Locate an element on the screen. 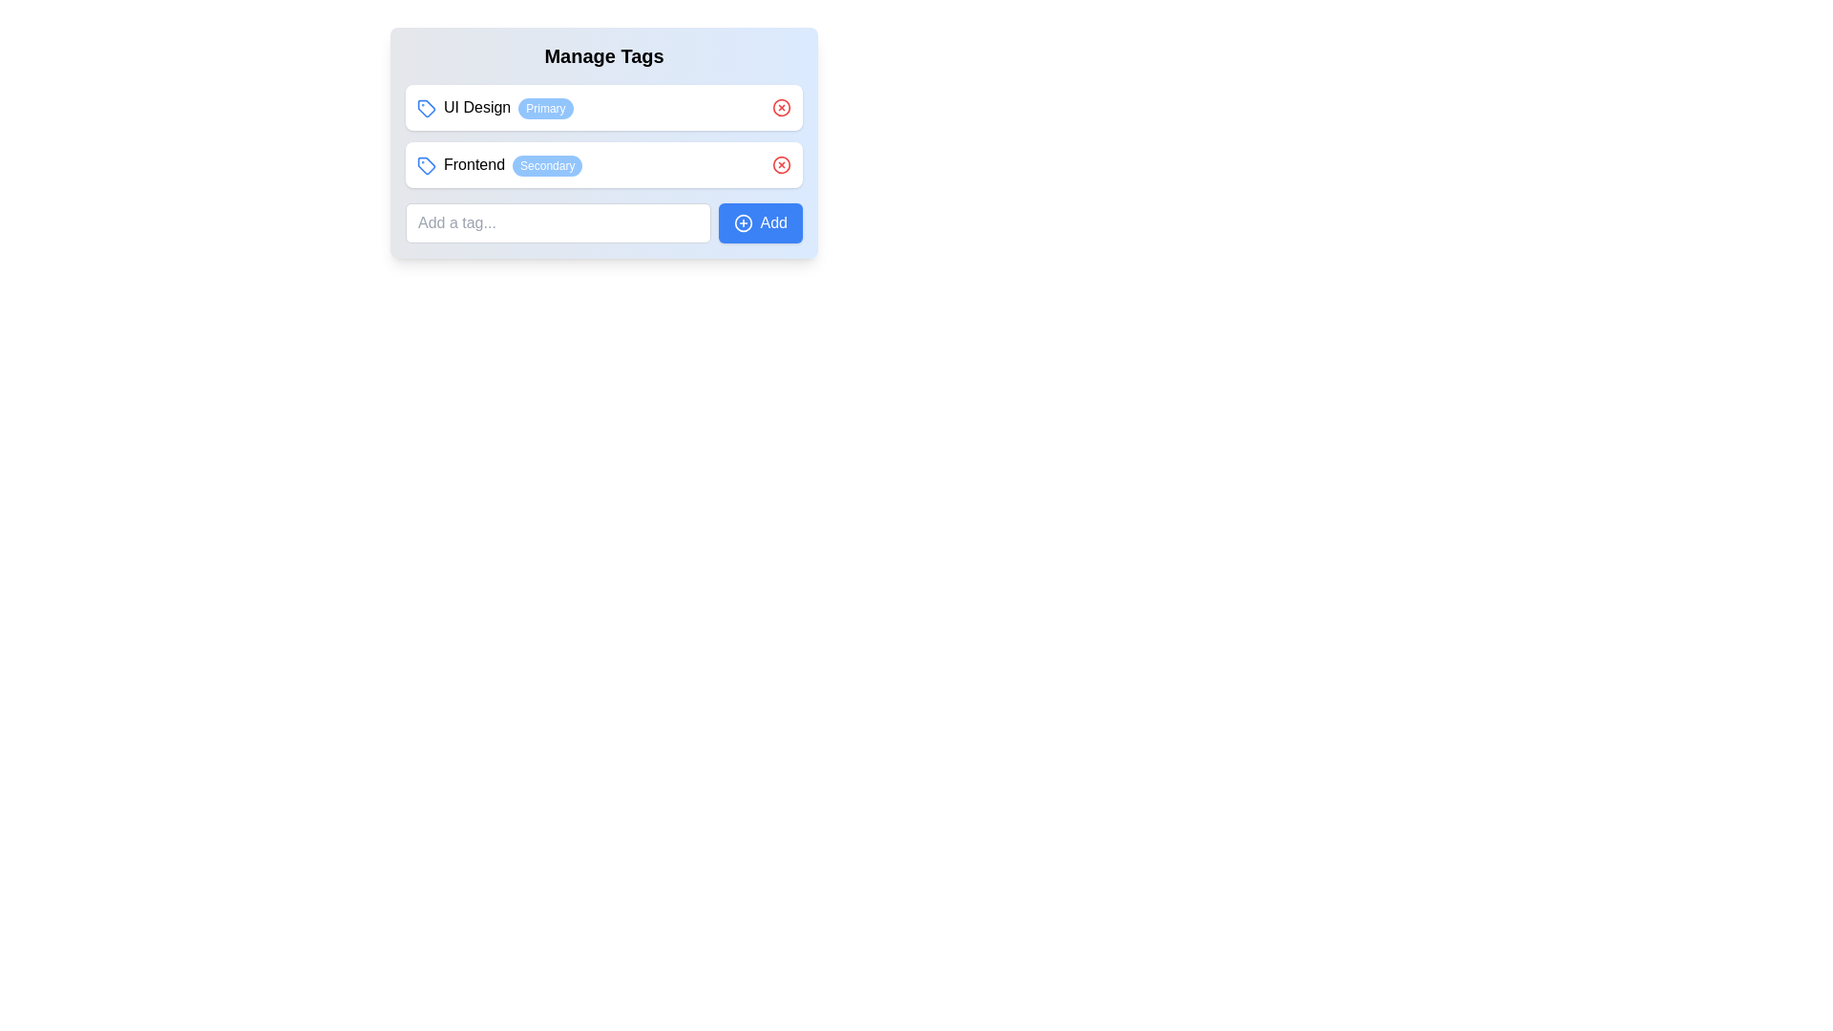 Image resolution: width=1833 pixels, height=1031 pixels. the tag icon located to the left of the 'Frontend' text and above the 'Secondary' label in the 'FrontendSecondary' group for interaction is located at coordinates (425, 164).